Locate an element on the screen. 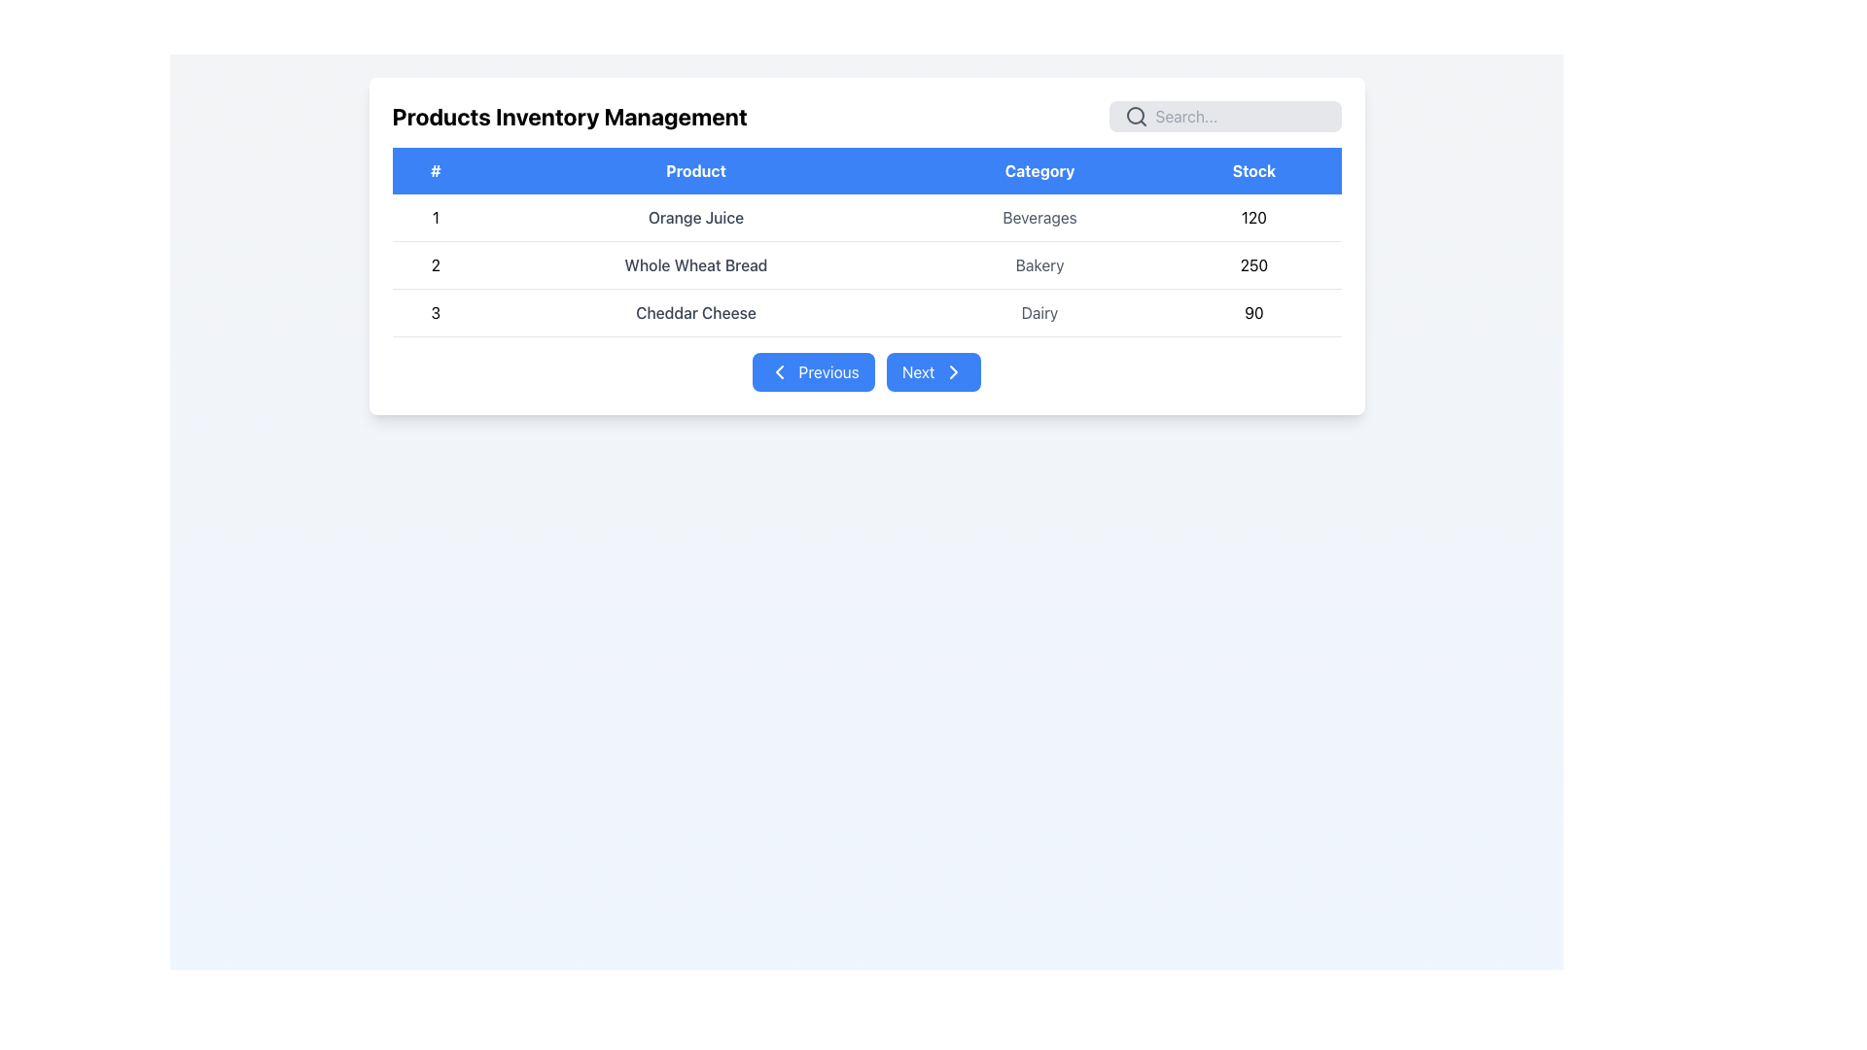 The image size is (1867, 1050). the product name text located in the first data row of the inventory management table under the 'Product' column is located at coordinates (695, 218).